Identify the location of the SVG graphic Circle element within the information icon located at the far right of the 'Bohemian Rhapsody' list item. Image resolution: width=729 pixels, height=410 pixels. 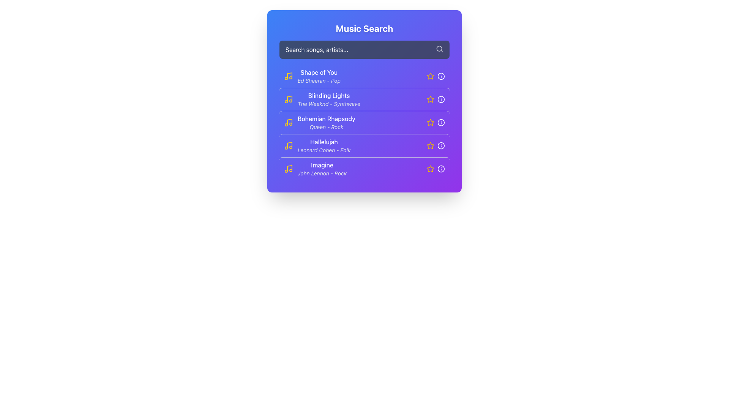
(441, 122).